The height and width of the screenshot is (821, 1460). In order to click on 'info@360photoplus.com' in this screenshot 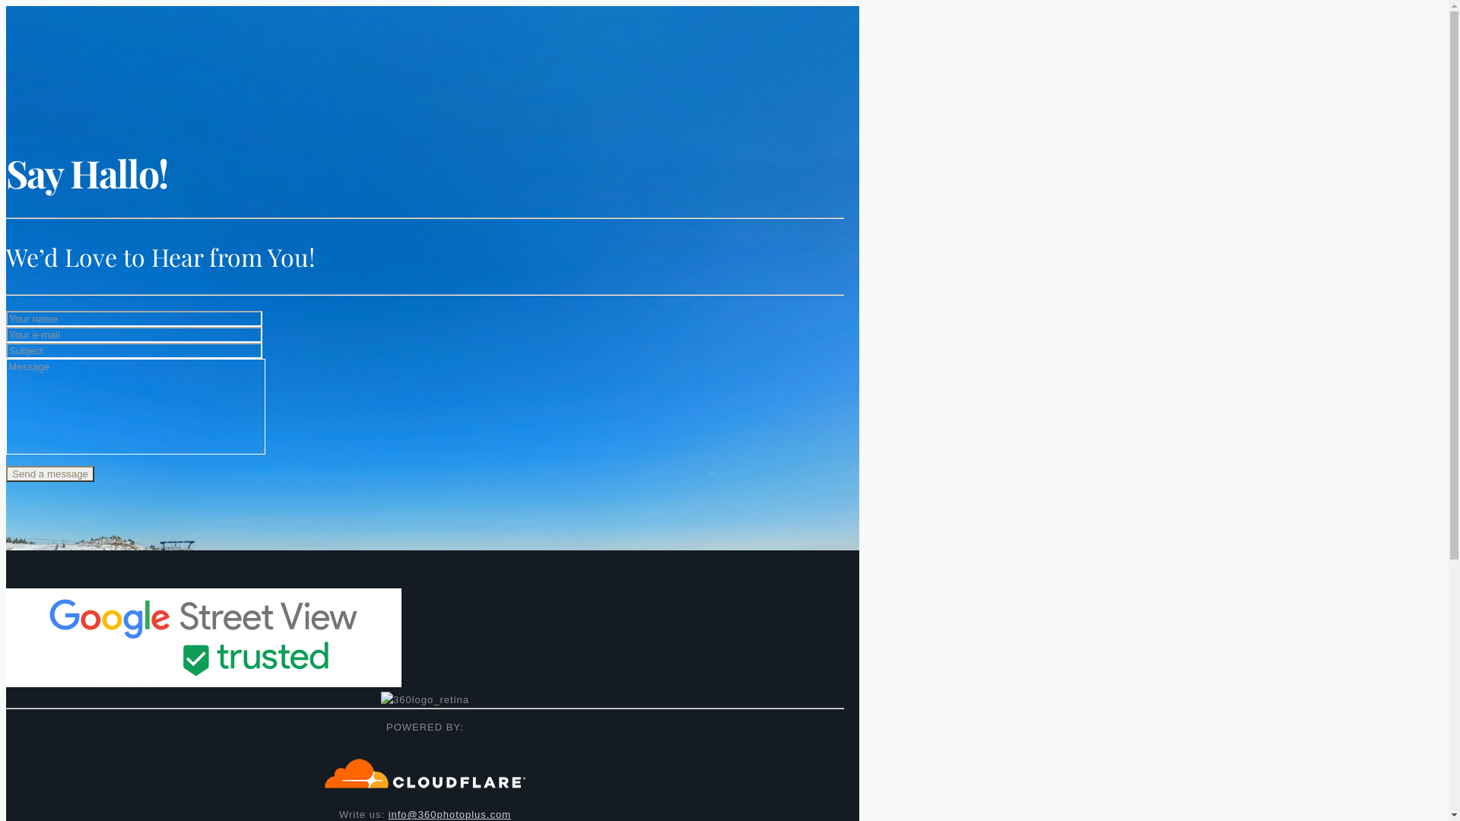, I will do `click(449, 813)`.